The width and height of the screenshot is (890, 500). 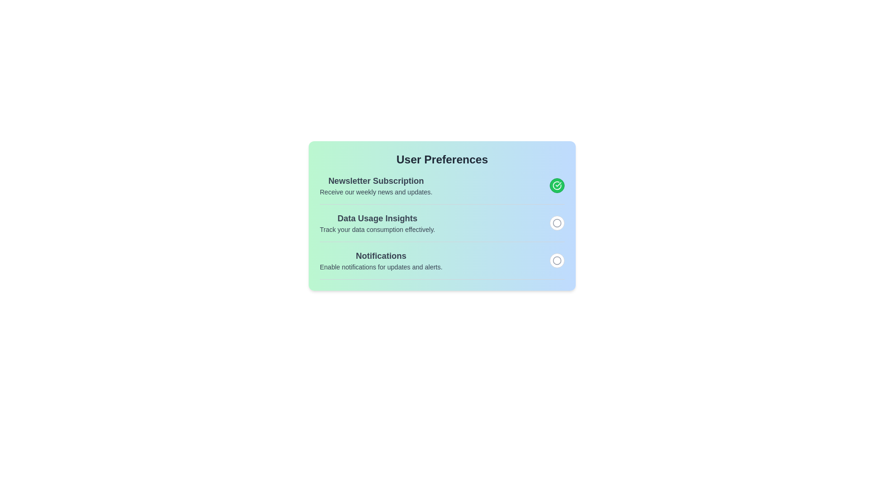 I want to click on the informational section indicating the subscription status under 'User Preferences', so click(x=442, y=186).